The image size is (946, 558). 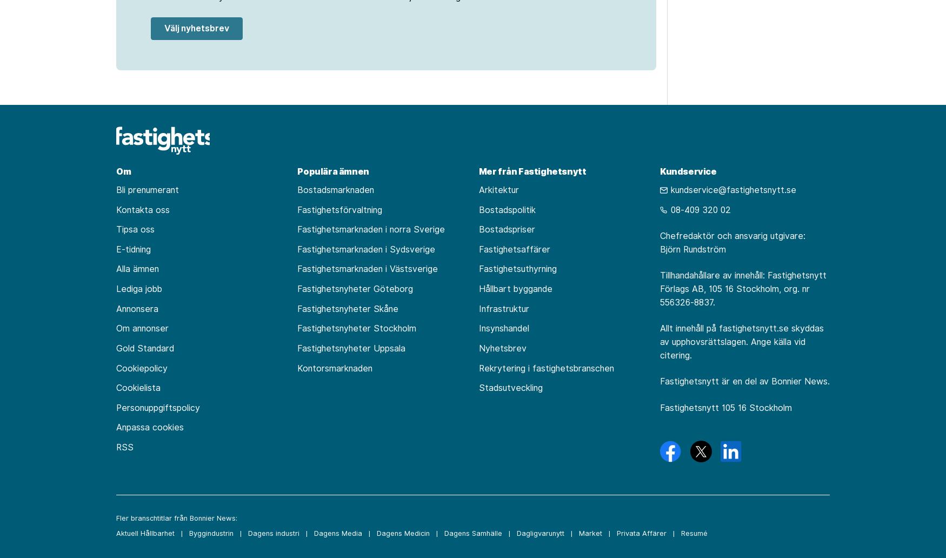 I want to click on 'Dagens industri', so click(x=273, y=532).